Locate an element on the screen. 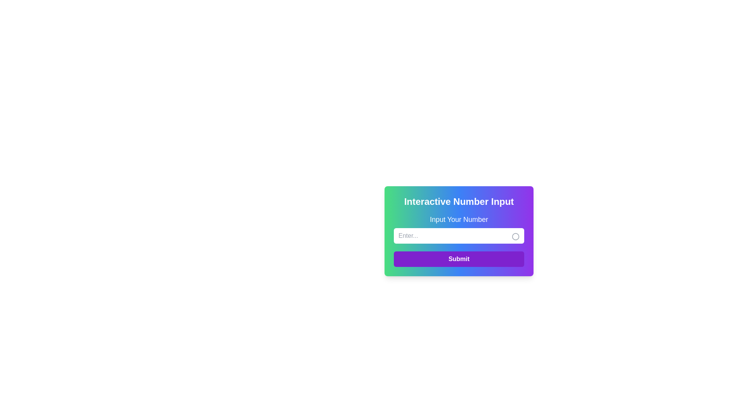  the rectangular 'Submit' button with a purple background and bold white text is located at coordinates (459, 259).